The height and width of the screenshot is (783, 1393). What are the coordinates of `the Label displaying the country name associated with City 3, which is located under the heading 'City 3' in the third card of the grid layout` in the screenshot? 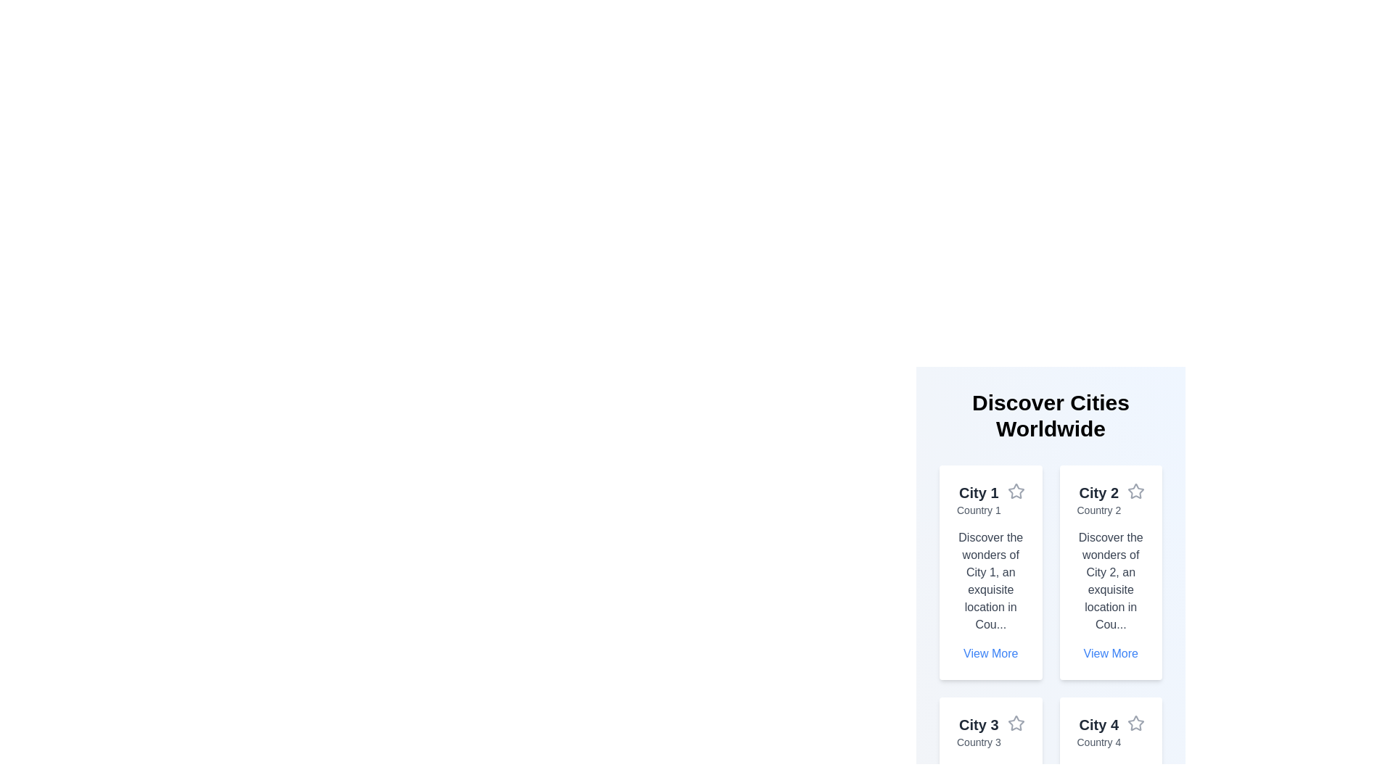 It's located at (979, 742).